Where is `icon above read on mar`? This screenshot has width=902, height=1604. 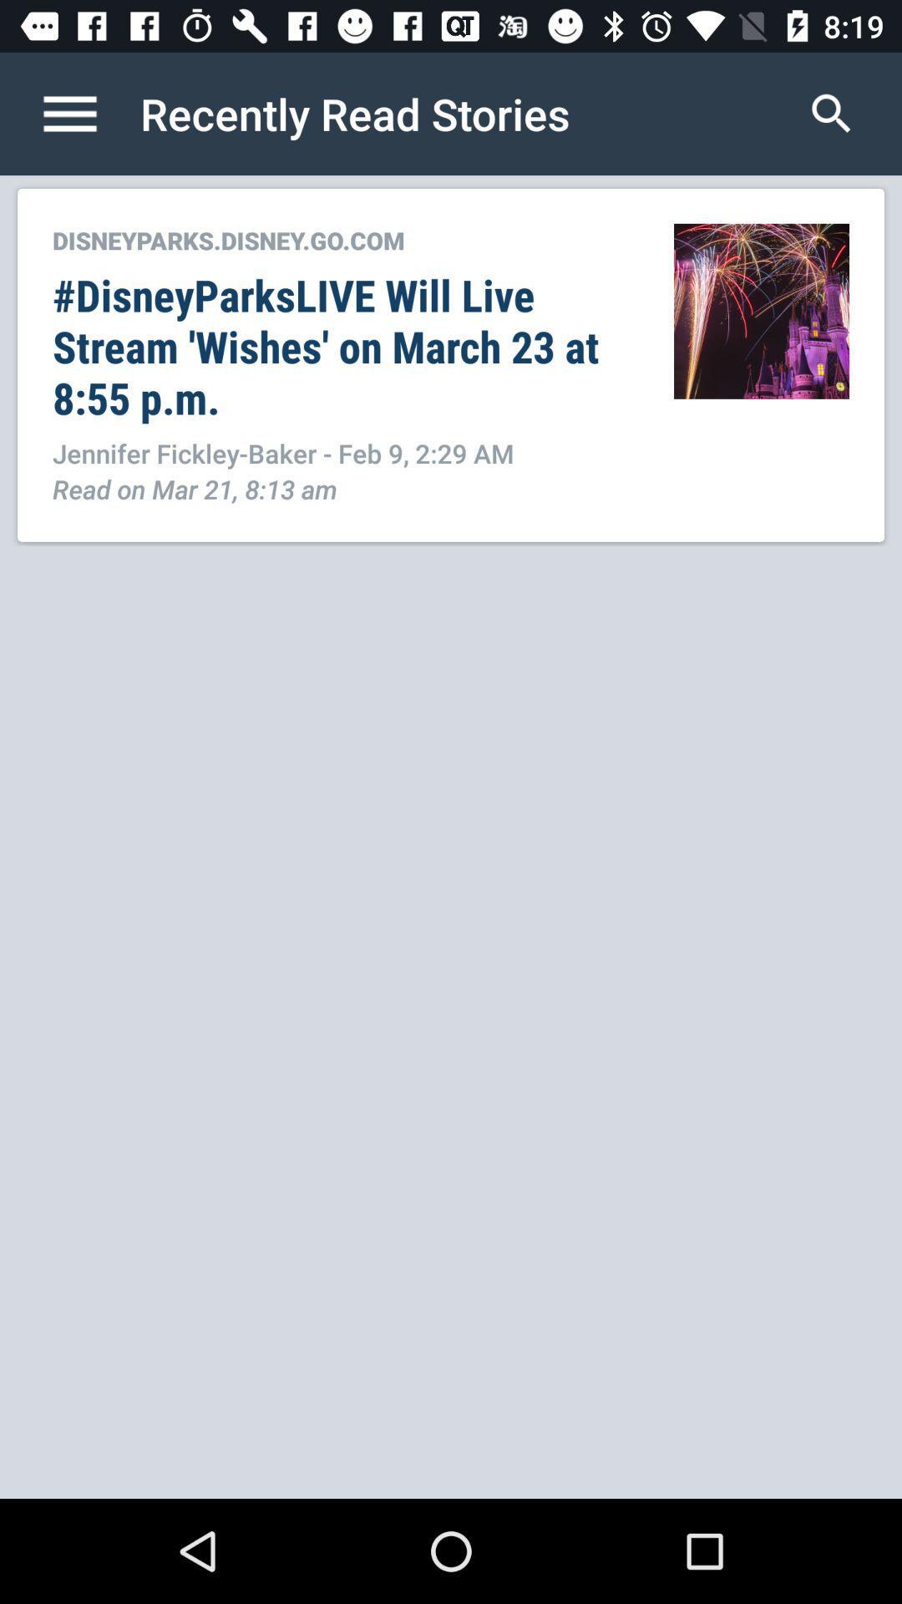
icon above read on mar is located at coordinates (344, 453).